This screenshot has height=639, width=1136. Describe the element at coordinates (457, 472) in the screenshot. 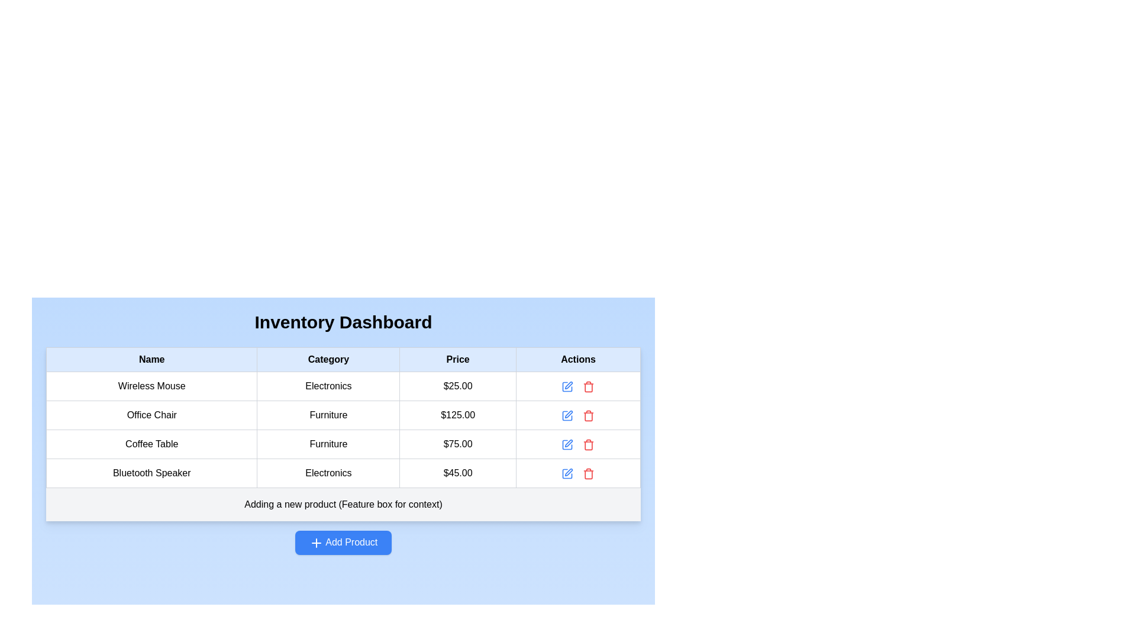

I see `the static text label displaying the price '$45.00' for the 'Bluetooth Speaker' in the fourth row of the 'Price' column` at that location.